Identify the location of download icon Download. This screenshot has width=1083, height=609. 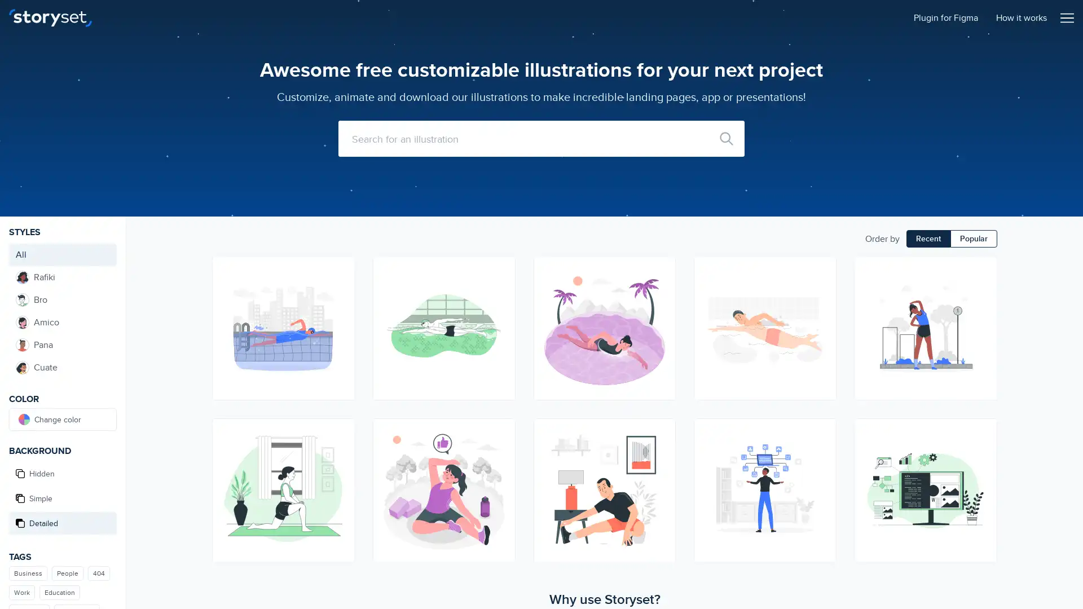
(661, 452).